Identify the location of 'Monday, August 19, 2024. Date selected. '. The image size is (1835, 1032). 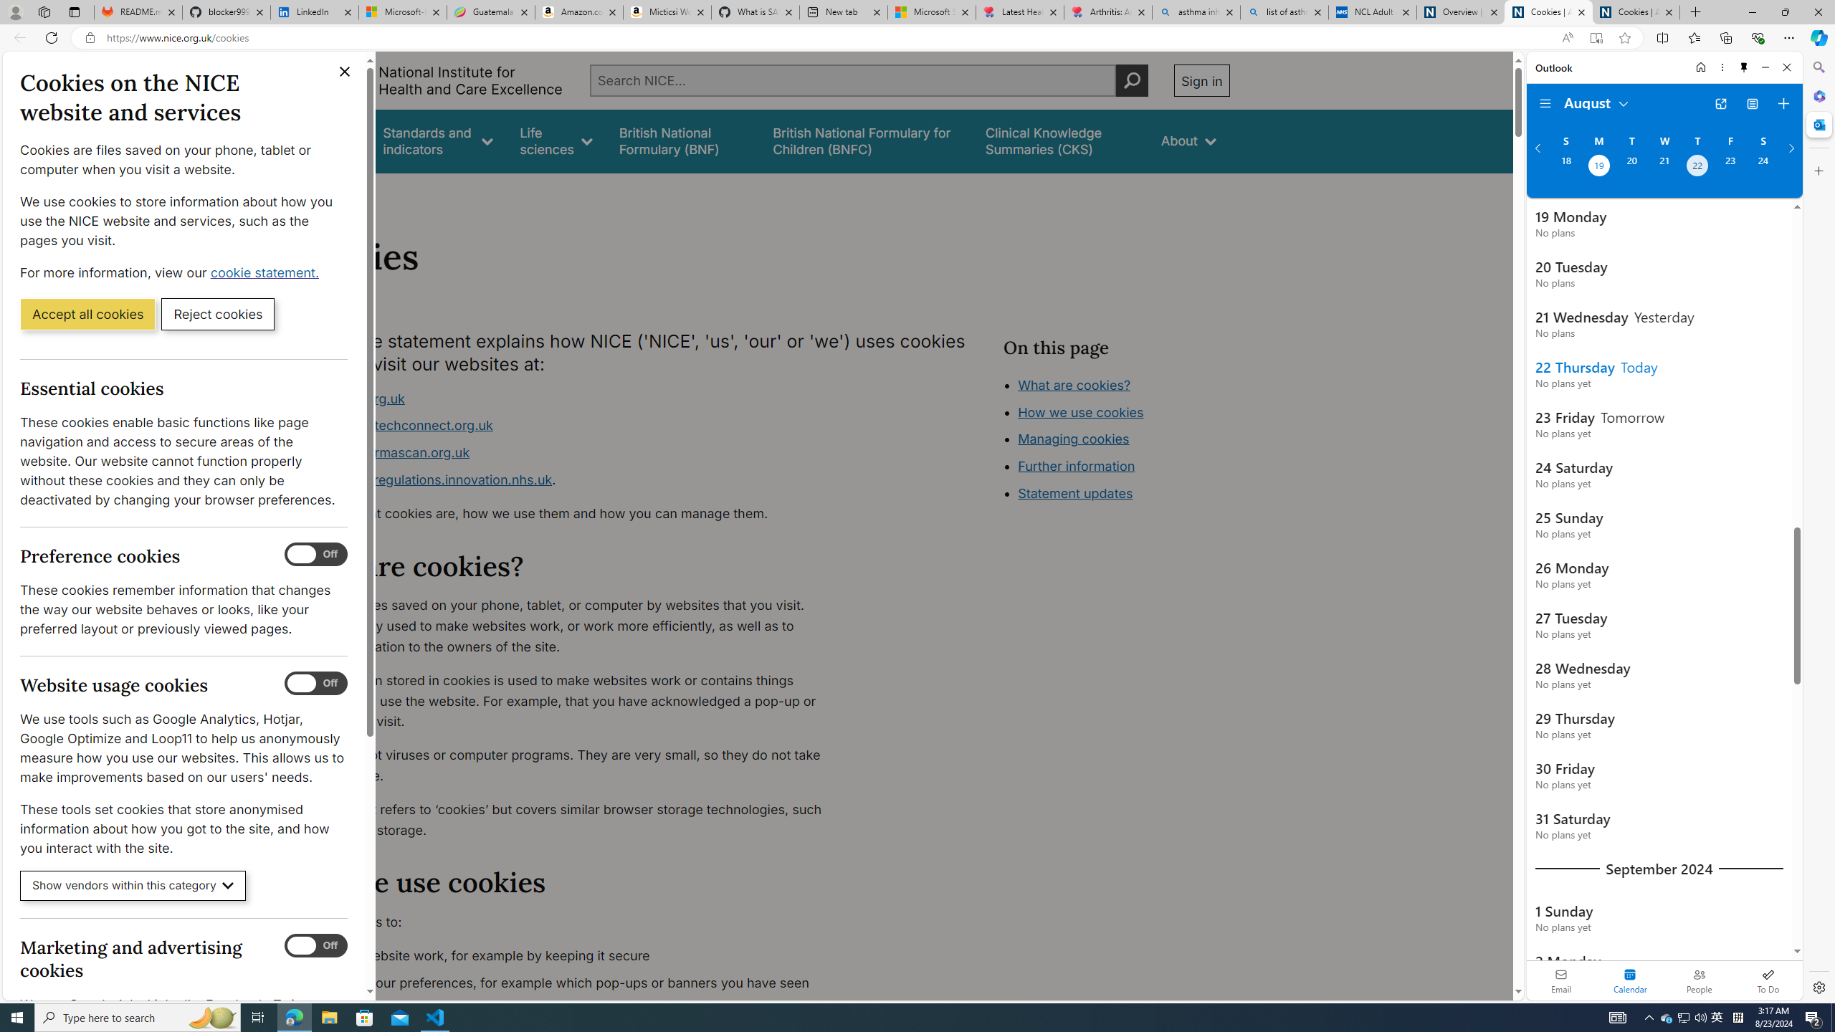
(1598, 167).